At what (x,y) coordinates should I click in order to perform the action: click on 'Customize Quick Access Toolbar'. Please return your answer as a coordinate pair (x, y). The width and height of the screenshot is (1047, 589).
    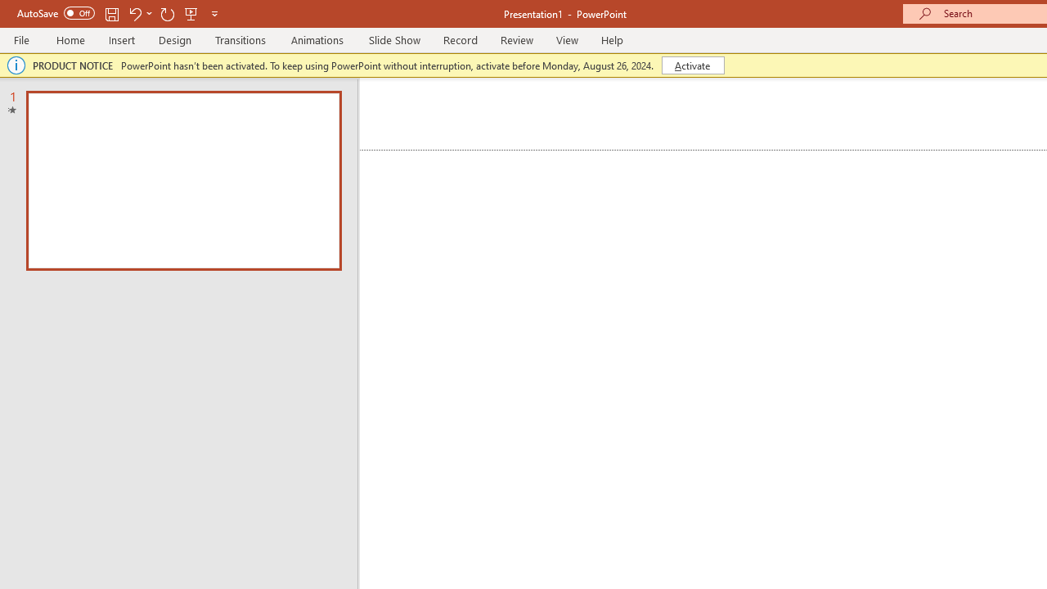
    Looking at the image, I should click on (214, 13).